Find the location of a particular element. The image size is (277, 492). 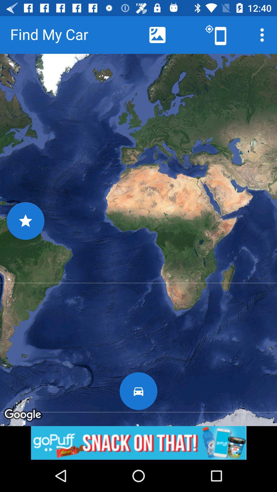

the more icon is located at coordinates (264, 35).